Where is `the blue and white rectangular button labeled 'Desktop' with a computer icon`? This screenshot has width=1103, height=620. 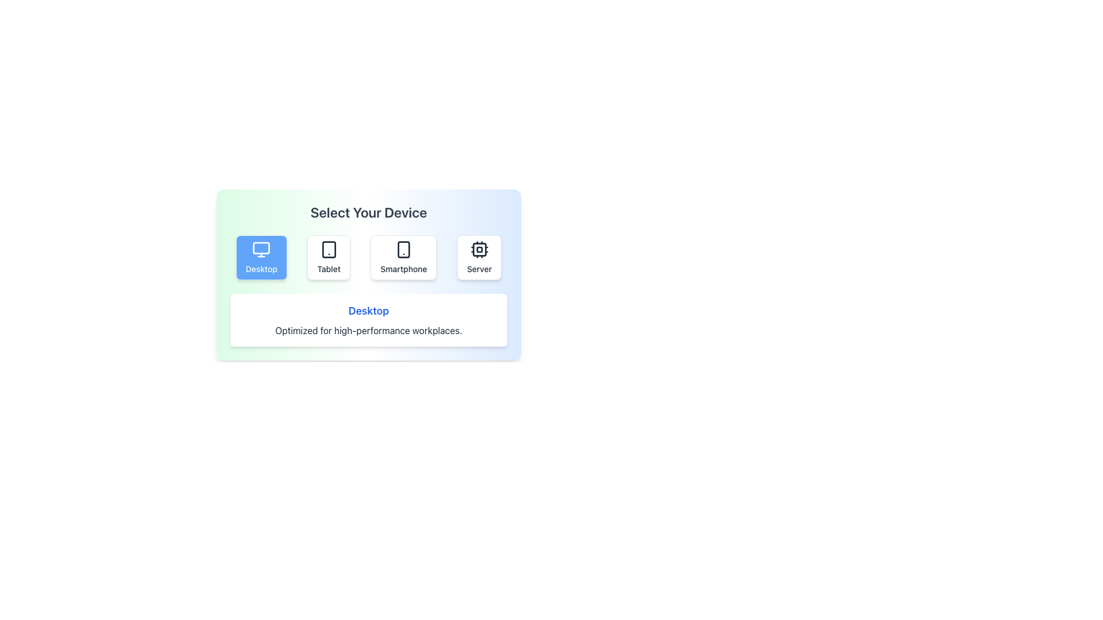
the blue and white rectangular button labeled 'Desktop' with a computer icon is located at coordinates (261, 257).